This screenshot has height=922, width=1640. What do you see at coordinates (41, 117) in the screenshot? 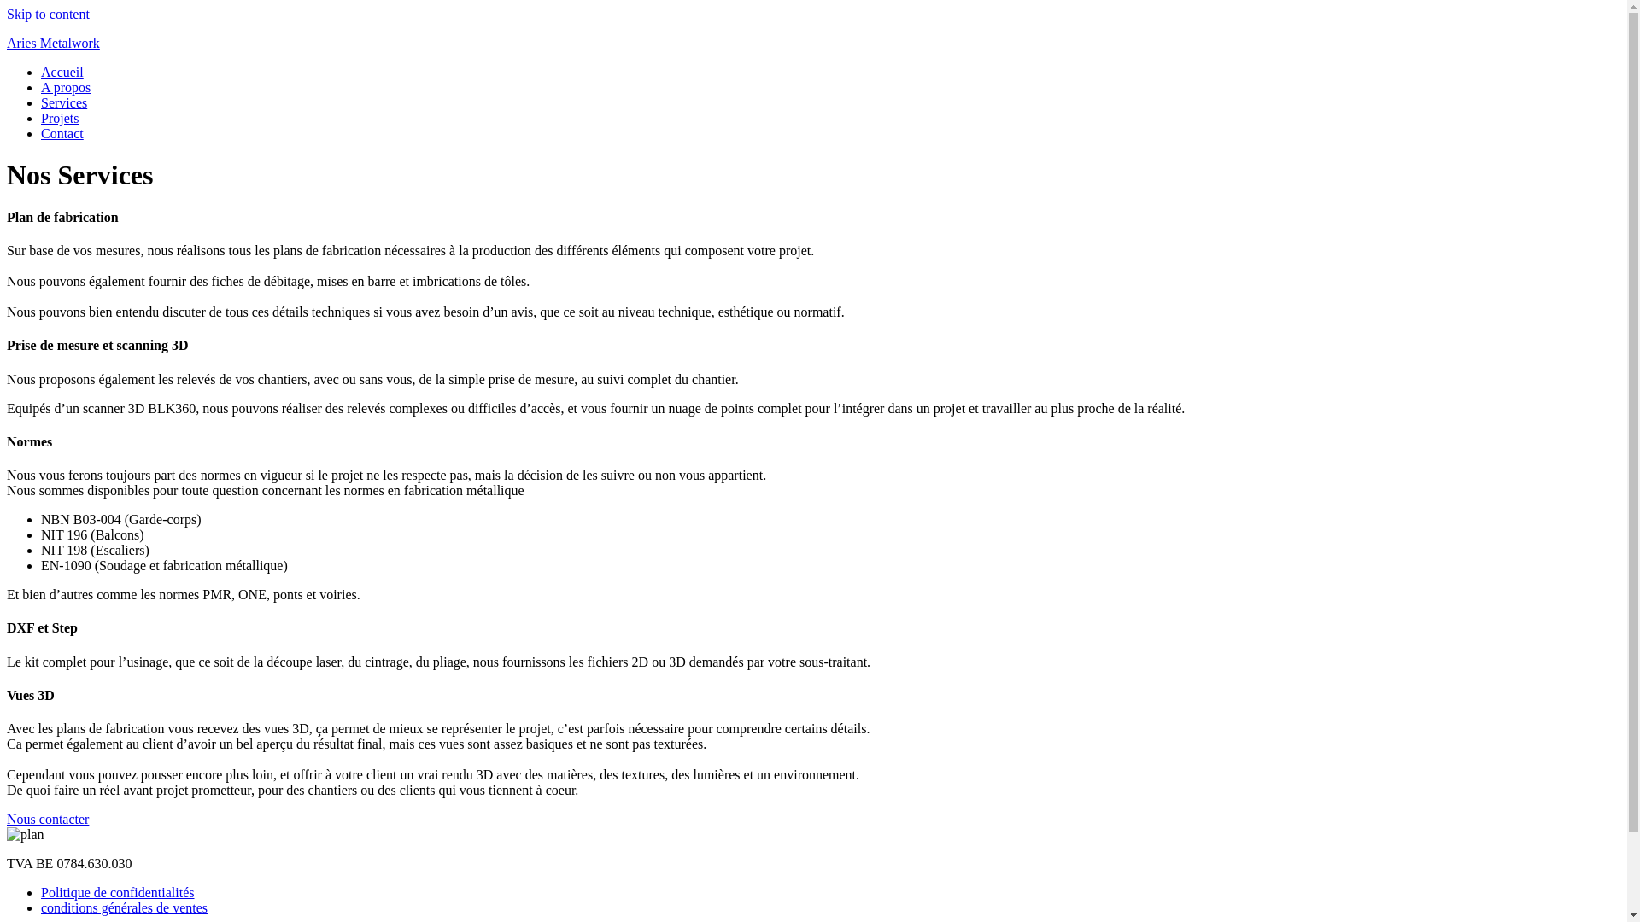
I see `'Projets'` at bounding box center [41, 117].